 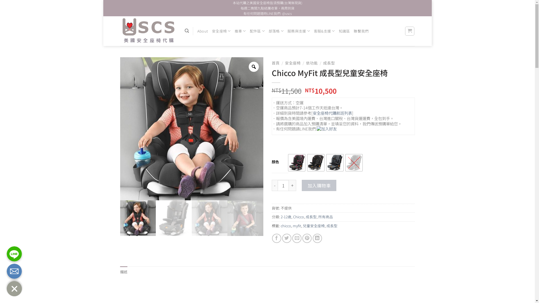 What do you see at coordinates (202, 31) in the screenshot?
I see `'About'` at bounding box center [202, 31].